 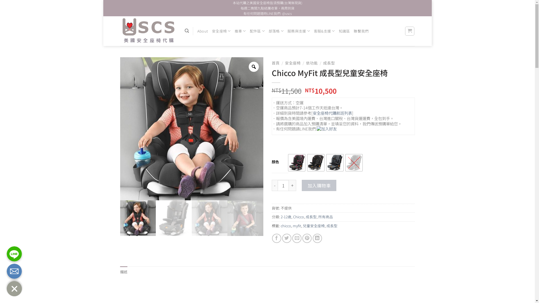 What do you see at coordinates (202, 31) in the screenshot?
I see `'About'` at bounding box center [202, 31].